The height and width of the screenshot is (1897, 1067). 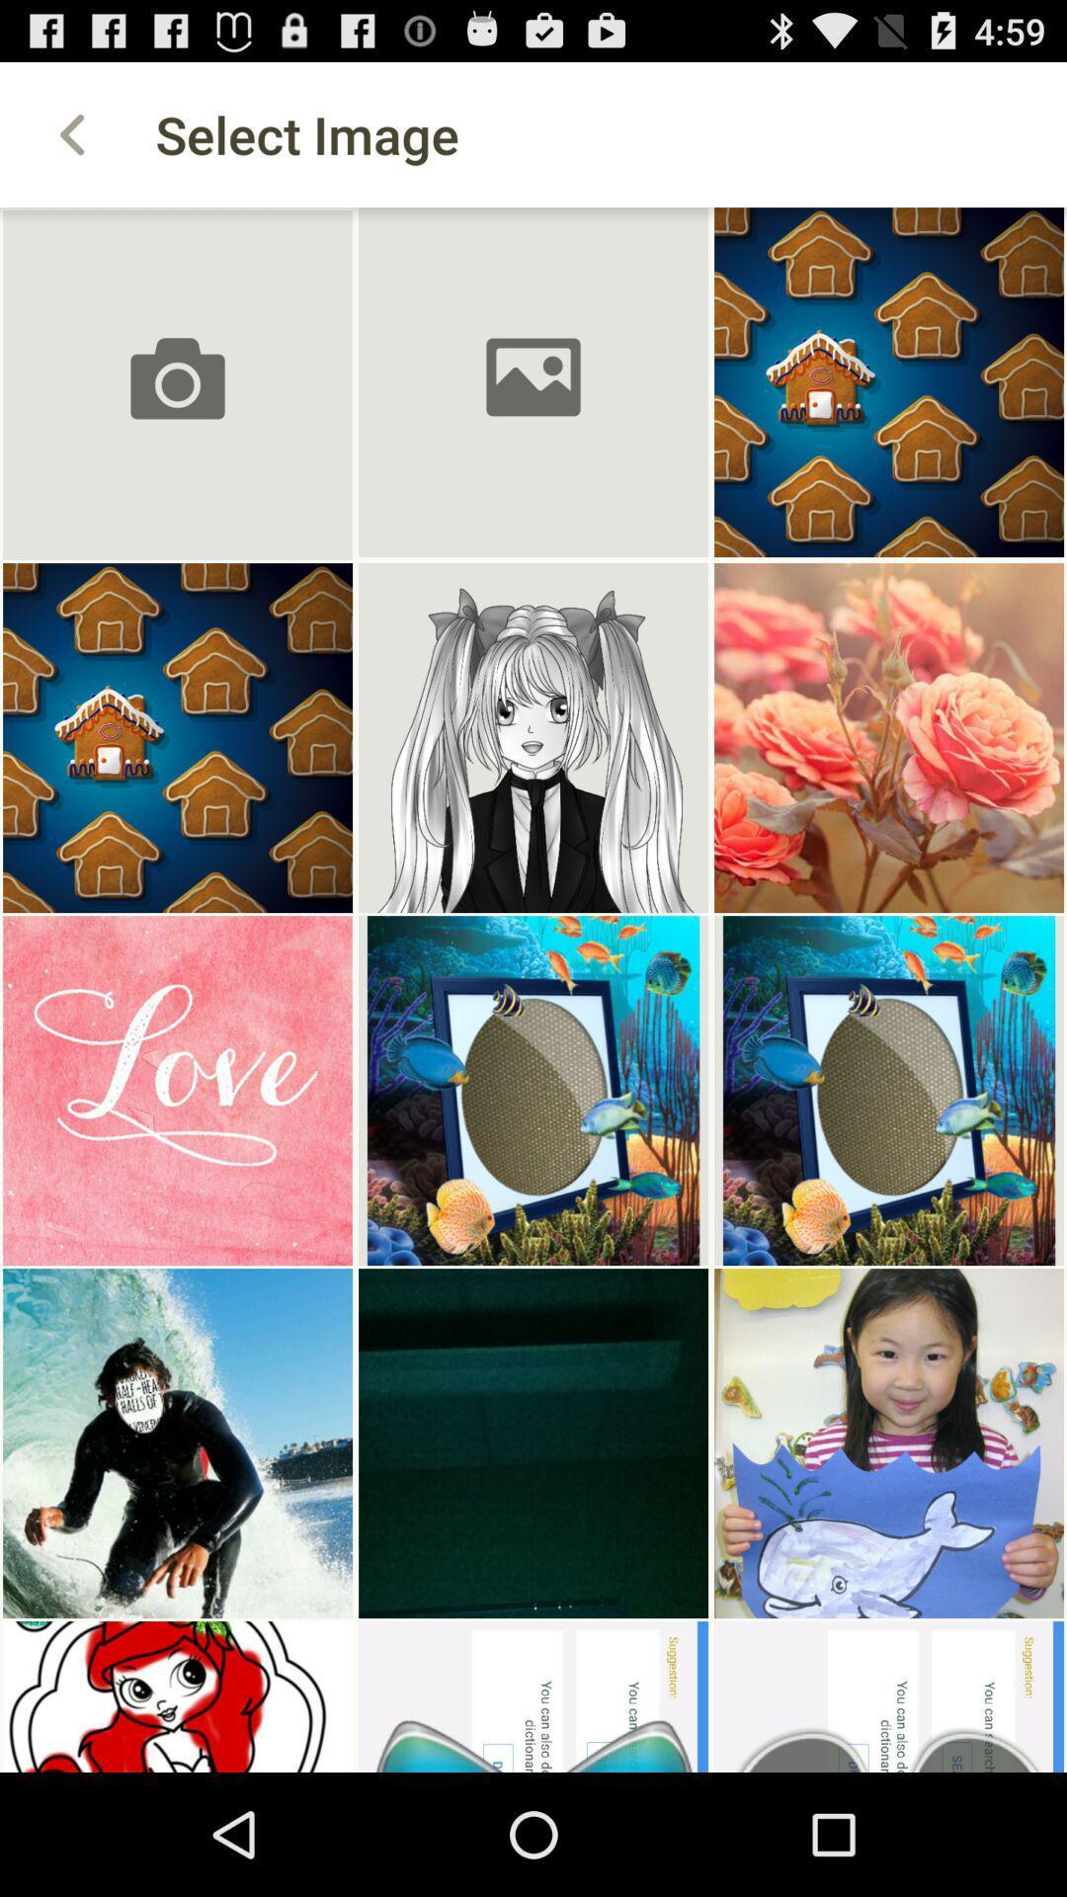 What do you see at coordinates (71, 133) in the screenshot?
I see `the icon next to the select image` at bounding box center [71, 133].